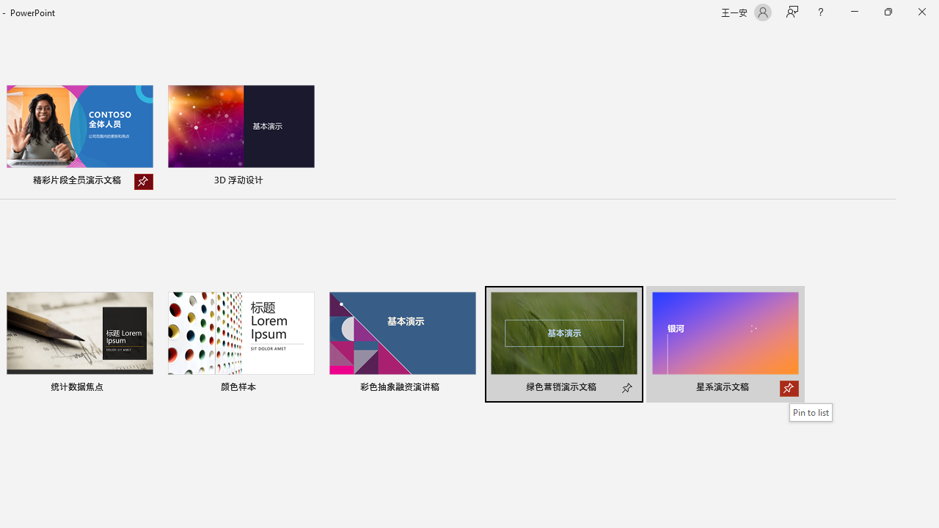 The height and width of the screenshot is (528, 939). I want to click on 'Unpin from list', so click(143, 181).